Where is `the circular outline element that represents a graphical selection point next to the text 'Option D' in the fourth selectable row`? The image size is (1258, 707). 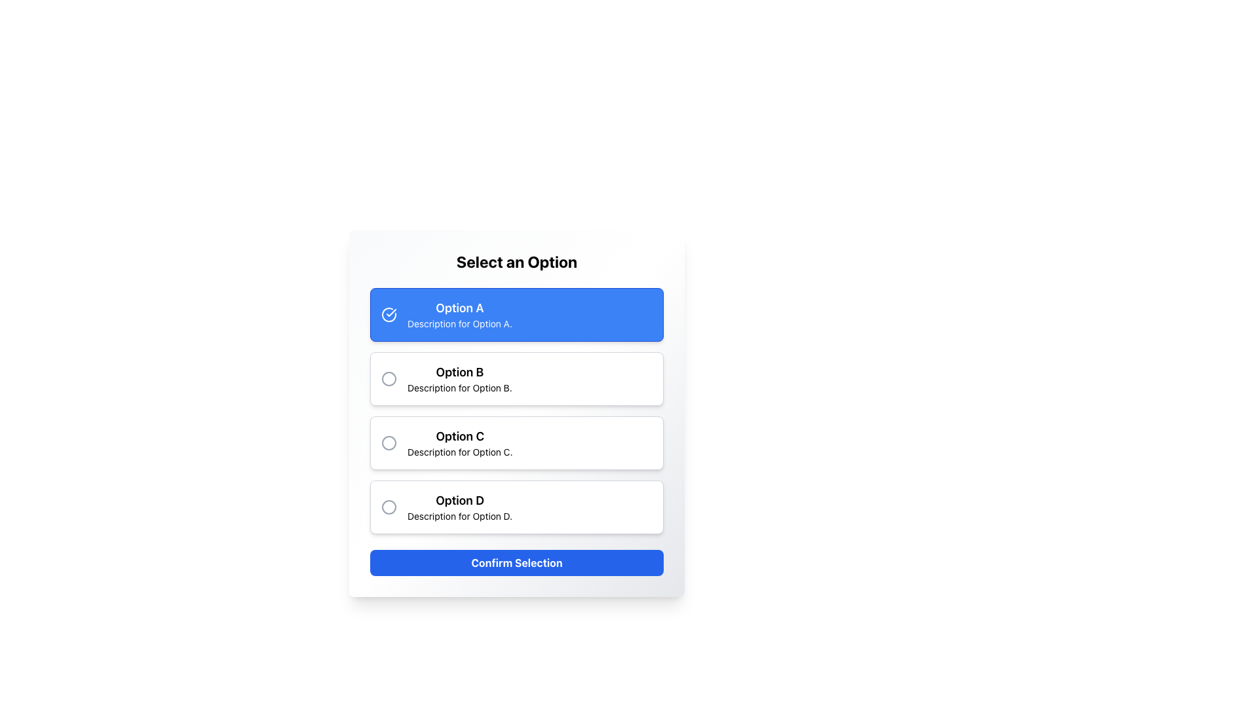
the circular outline element that represents a graphical selection point next to the text 'Option D' in the fourth selectable row is located at coordinates (389, 507).